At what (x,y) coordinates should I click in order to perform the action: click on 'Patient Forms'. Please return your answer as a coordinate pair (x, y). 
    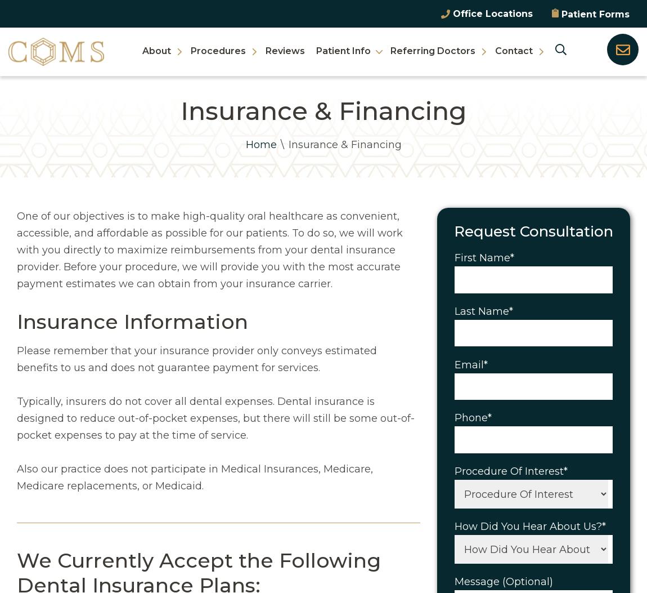
    Looking at the image, I should click on (595, 14).